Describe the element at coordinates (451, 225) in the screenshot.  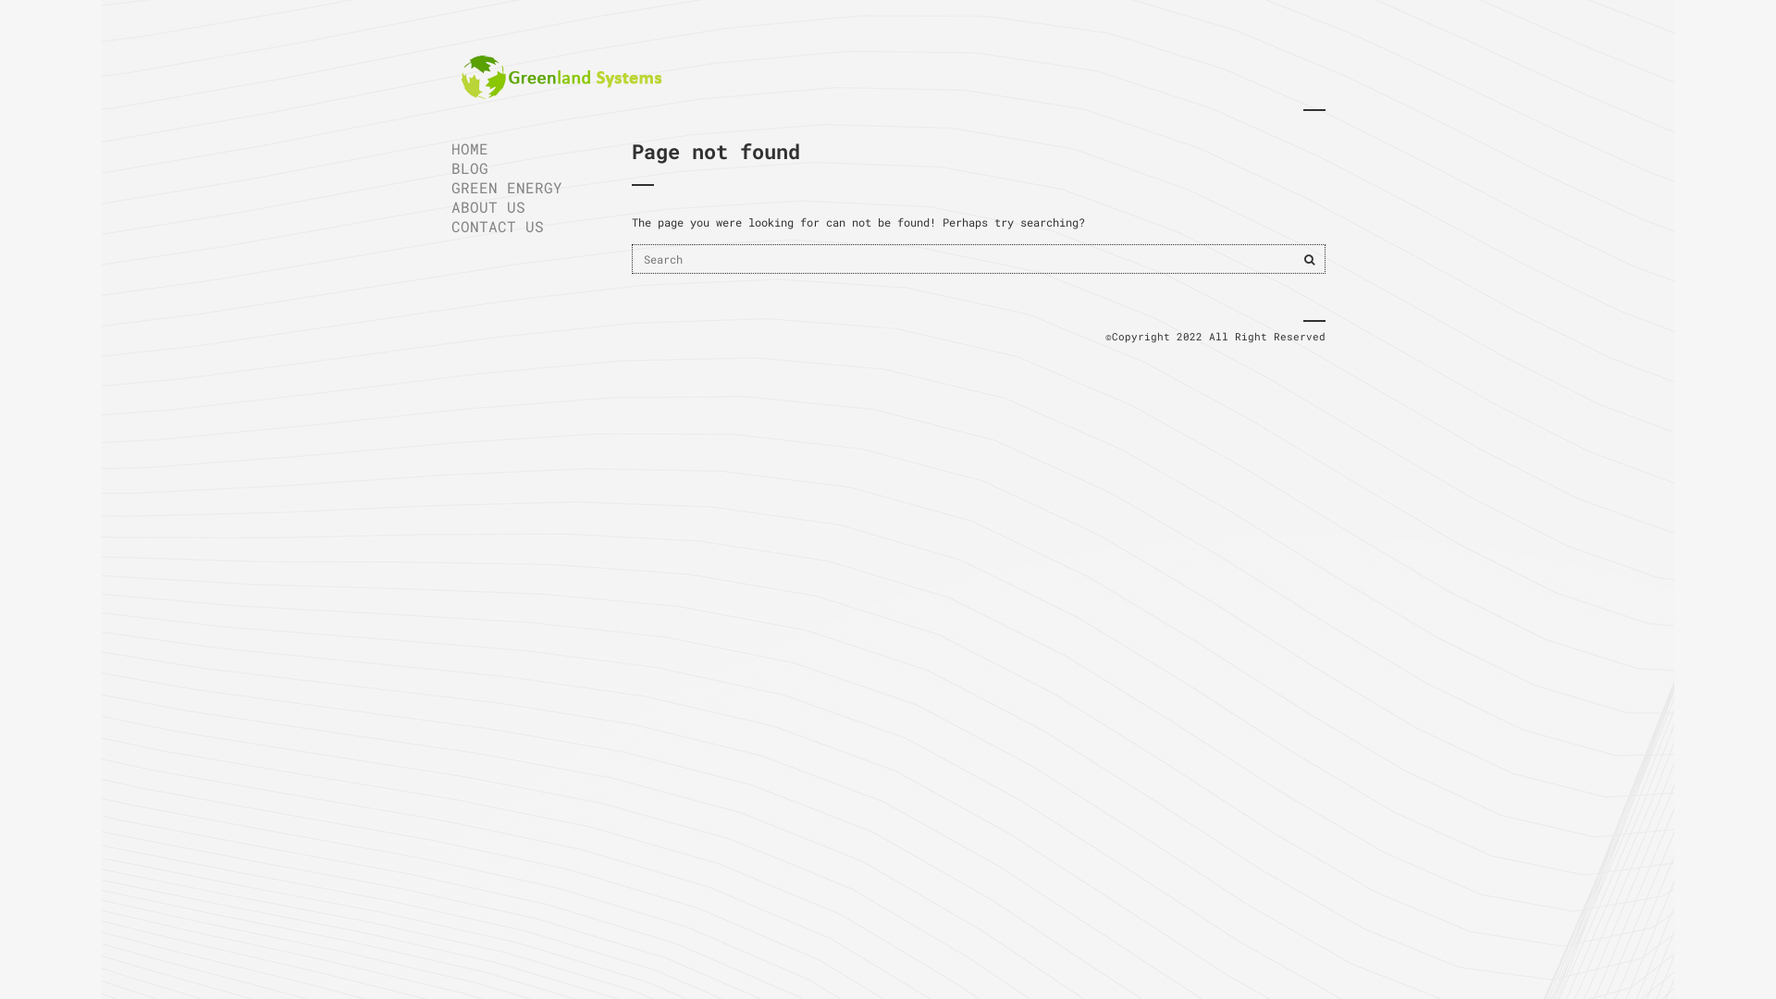
I see `'CONTACT US'` at that location.